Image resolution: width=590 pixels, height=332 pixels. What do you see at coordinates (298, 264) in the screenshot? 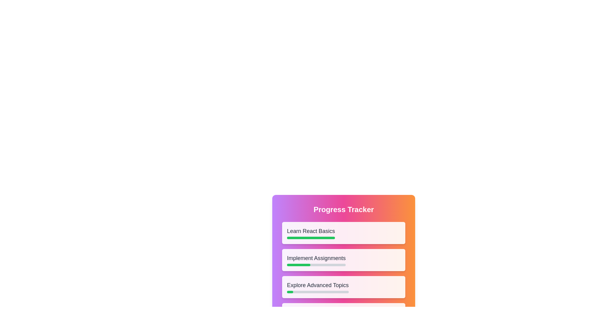
I see `the progress bar of Implement Assignments to view details` at bounding box center [298, 264].